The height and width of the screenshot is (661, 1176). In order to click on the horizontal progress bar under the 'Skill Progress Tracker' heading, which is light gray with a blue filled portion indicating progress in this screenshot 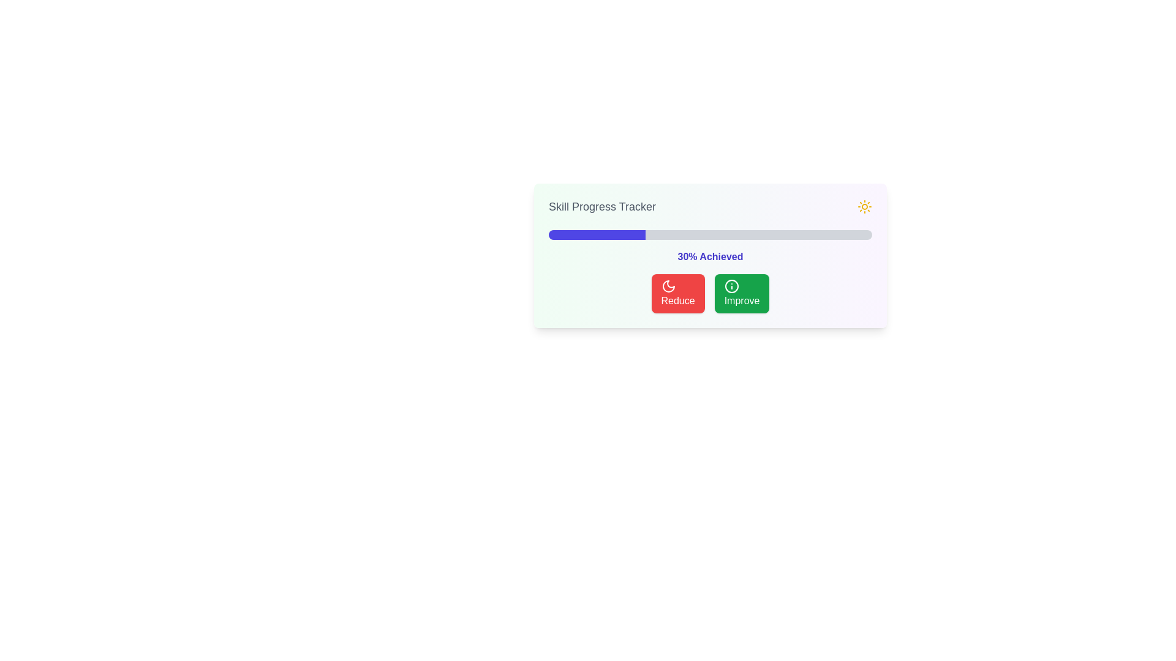, I will do `click(710, 235)`.